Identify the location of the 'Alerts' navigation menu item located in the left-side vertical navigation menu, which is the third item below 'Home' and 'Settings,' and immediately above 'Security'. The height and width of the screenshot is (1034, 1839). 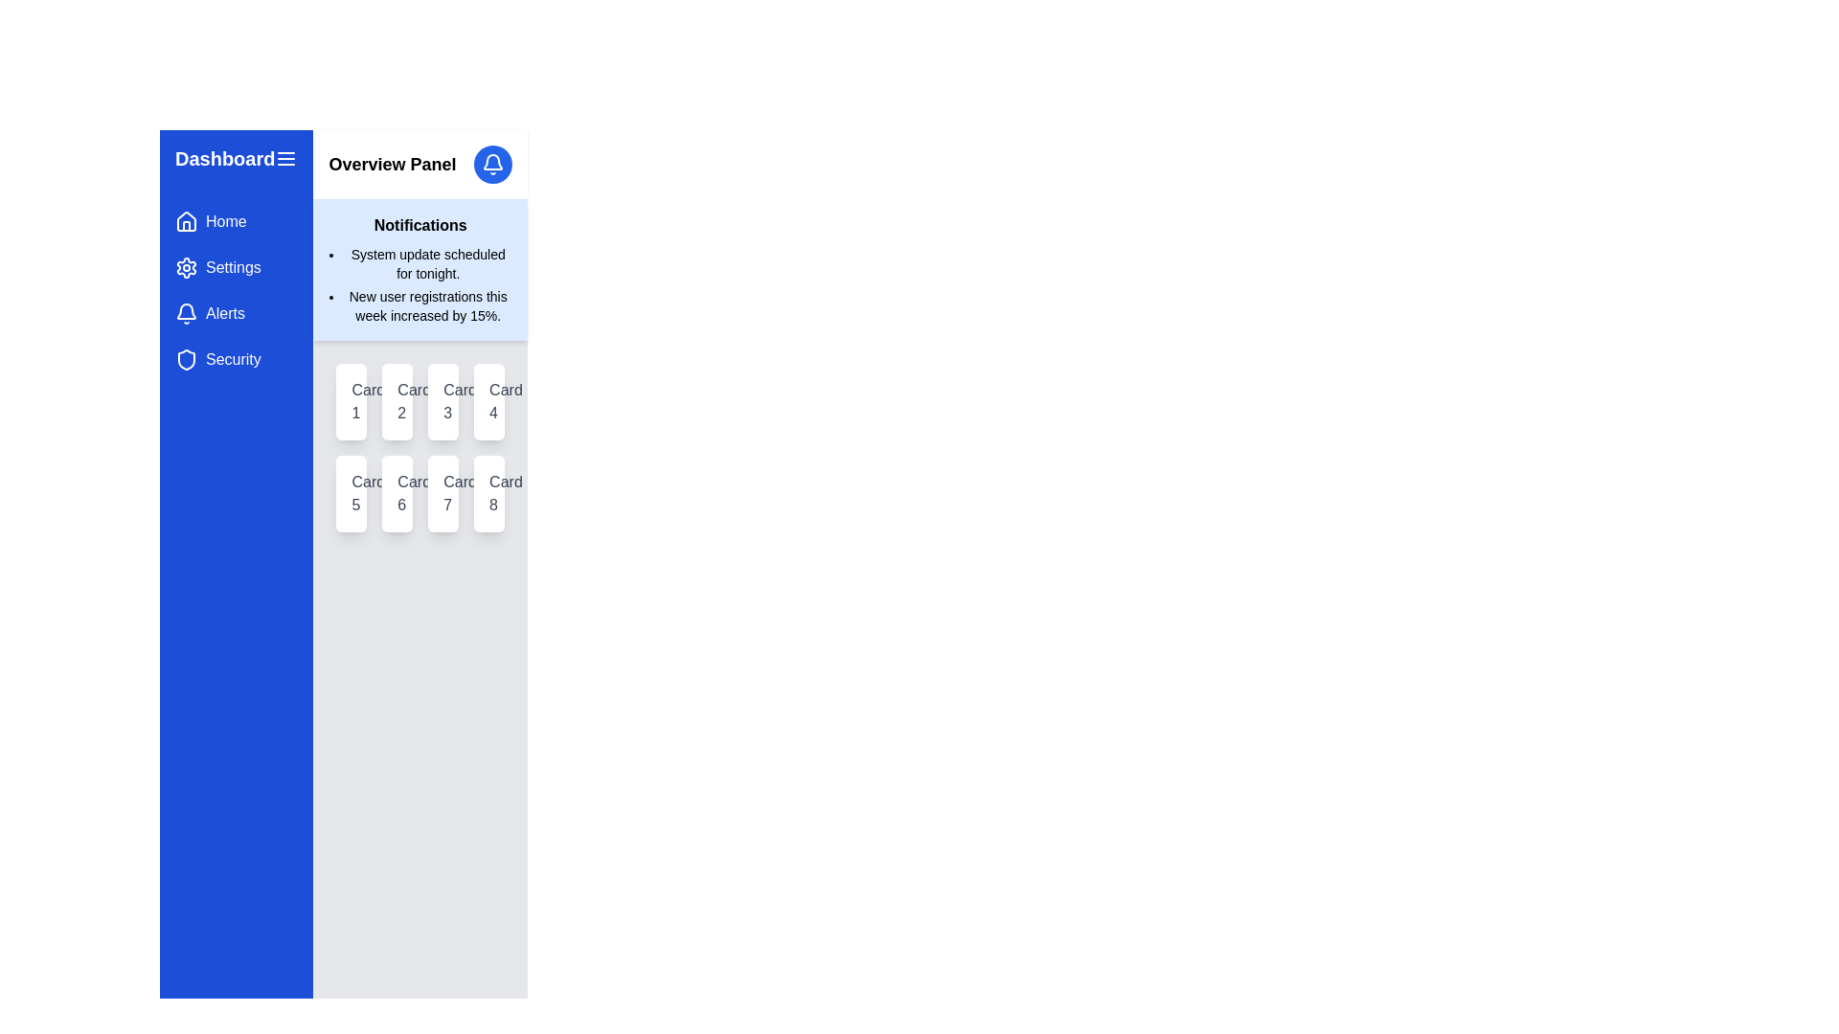
(236, 312).